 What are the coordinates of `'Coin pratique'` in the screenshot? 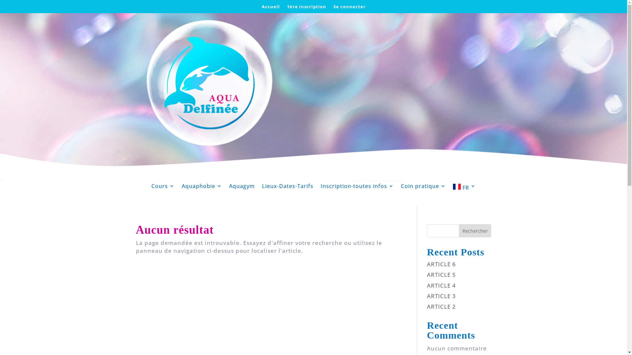 It's located at (401, 188).